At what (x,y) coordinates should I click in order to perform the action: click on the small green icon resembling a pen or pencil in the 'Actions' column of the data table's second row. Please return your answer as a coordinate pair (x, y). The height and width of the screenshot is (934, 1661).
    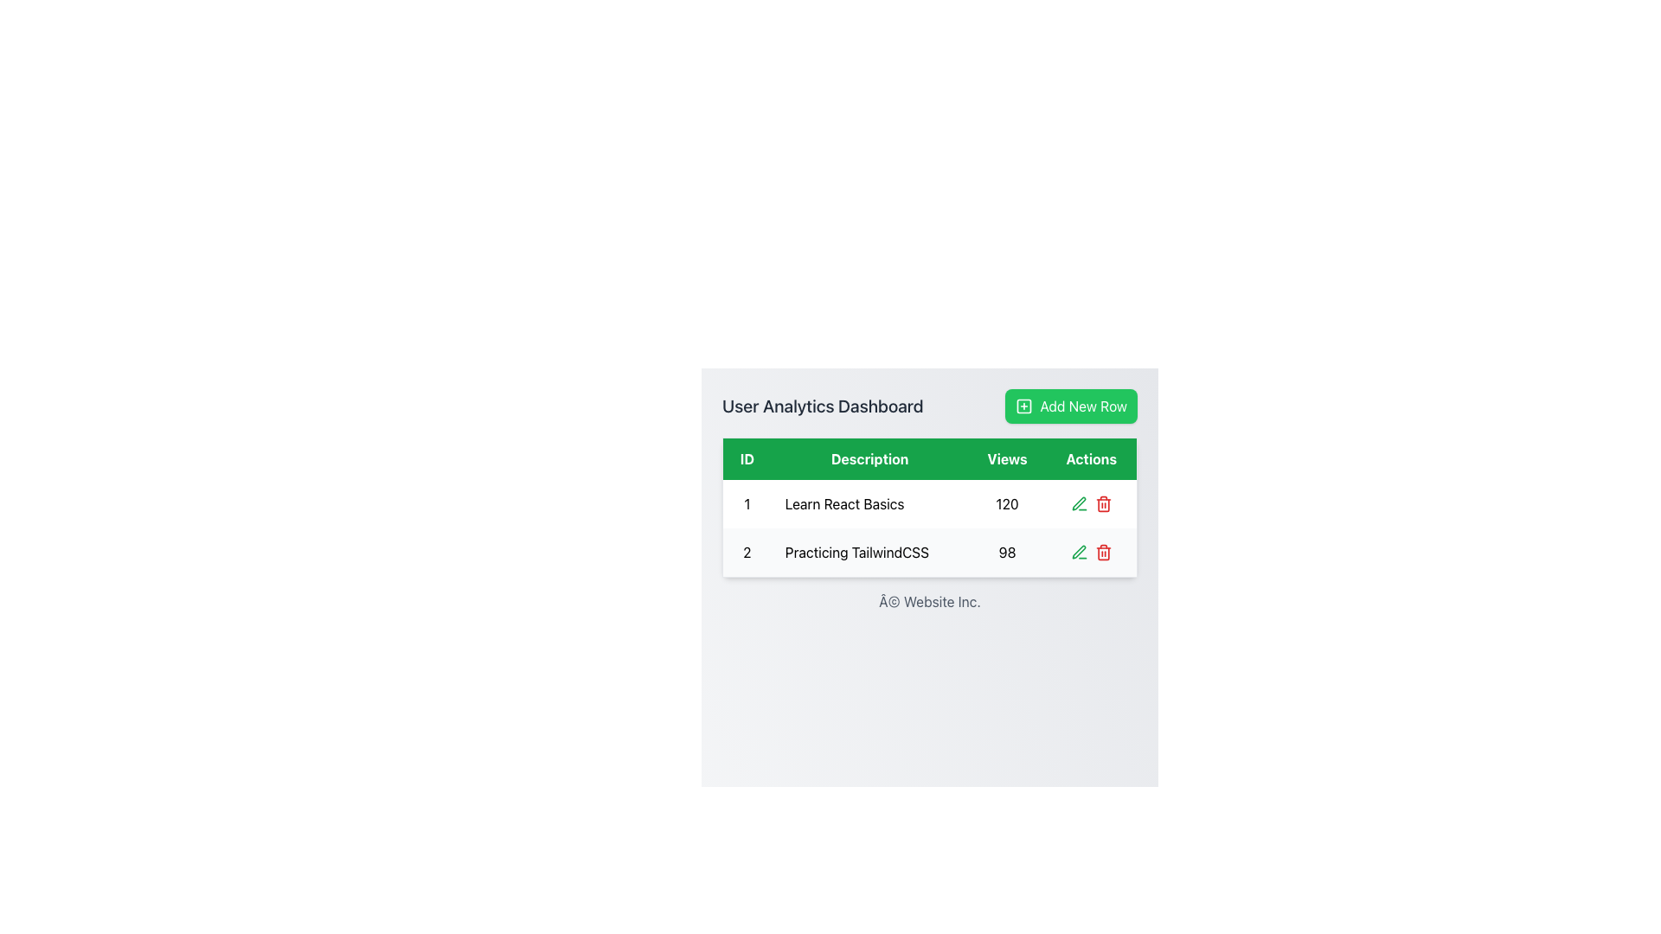
    Looking at the image, I should click on (1078, 553).